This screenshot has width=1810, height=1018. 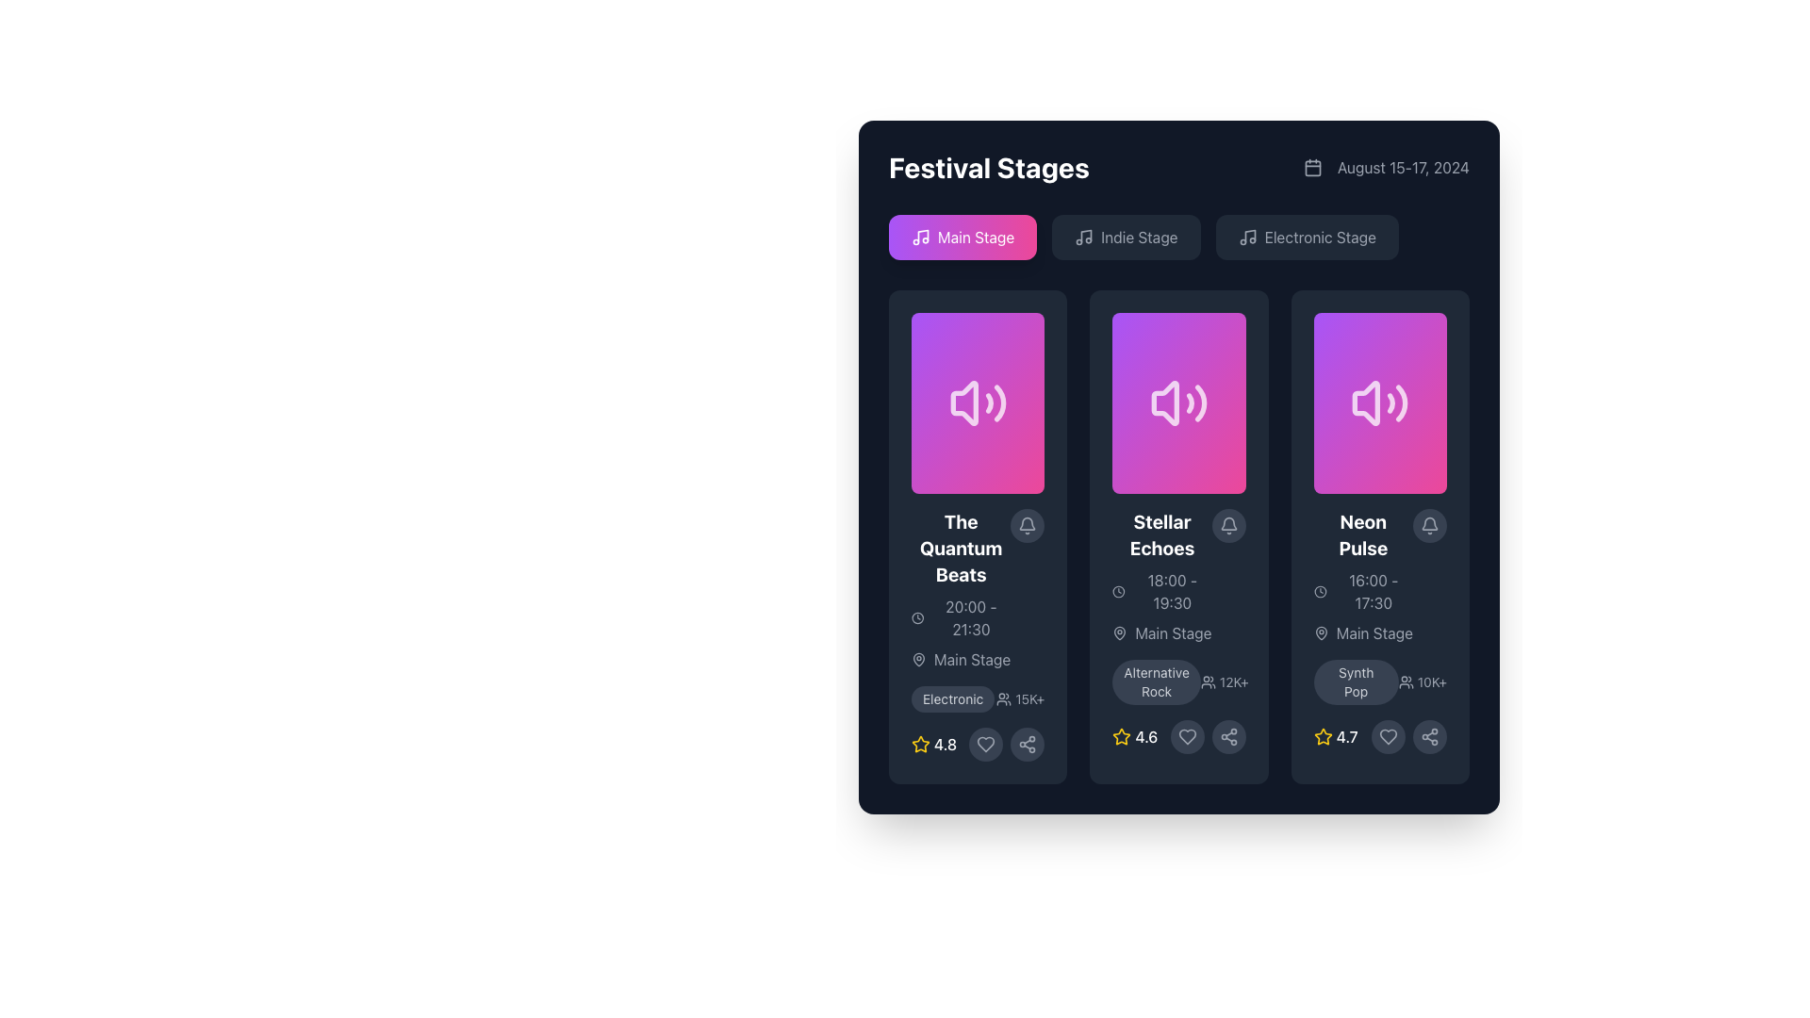 What do you see at coordinates (946, 744) in the screenshot?
I see `the static Text Label displaying the rating value (4.8) located at the bottom-left corner of 'The Quantum Beats' card` at bounding box center [946, 744].